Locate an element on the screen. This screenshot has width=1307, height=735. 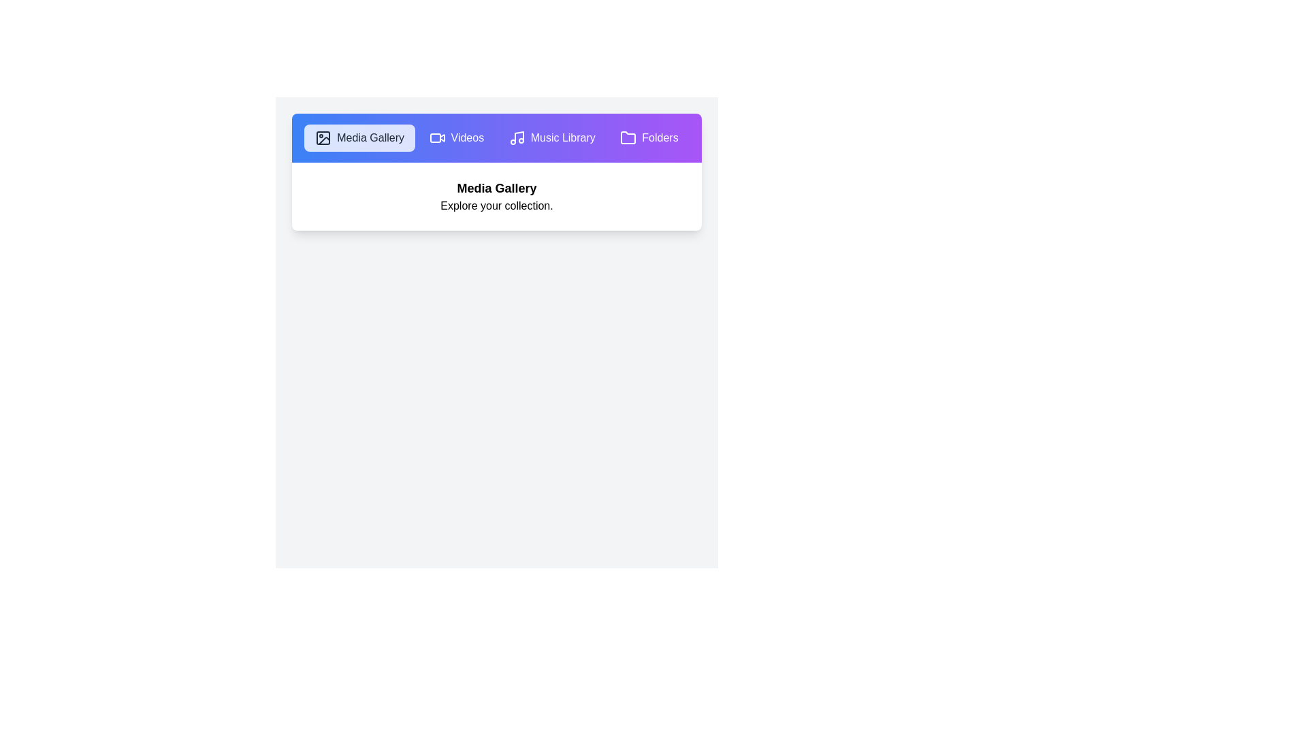
the first button from the left in the gradient purple and blue top bar is located at coordinates (359, 138).